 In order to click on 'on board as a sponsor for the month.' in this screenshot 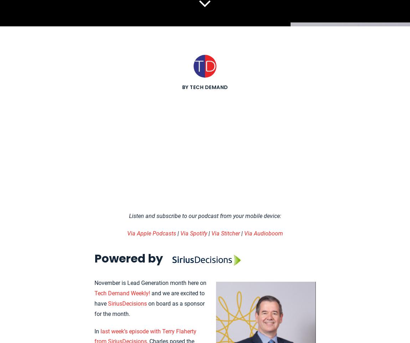, I will do `click(149, 308)`.